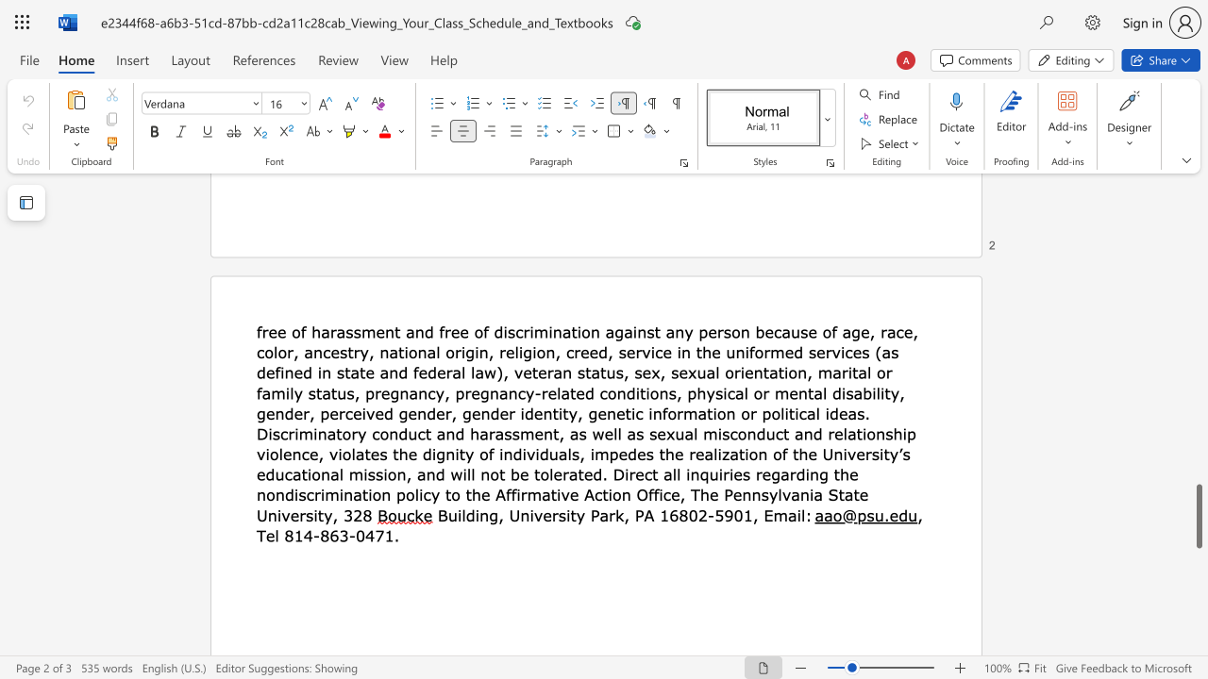  I want to click on the page's right scrollbar for upward movement, so click(1198, 283).